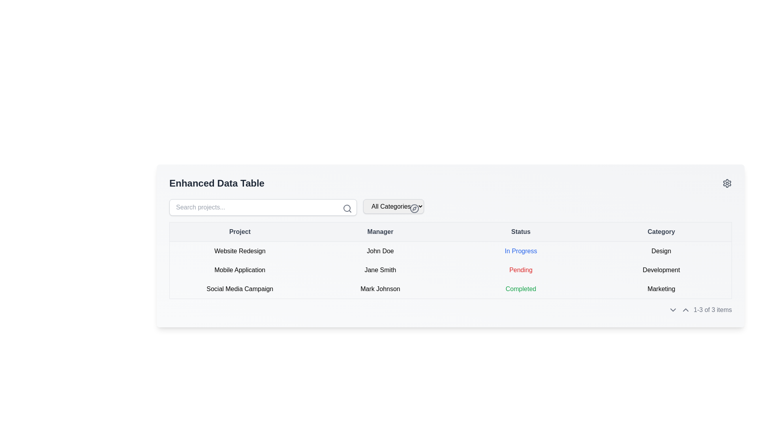 This screenshot has height=426, width=758. What do you see at coordinates (673, 310) in the screenshot?
I see `the first chevron icon button that allows navigation to the next page of the data table, located at the bottom-right corner of the table` at bounding box center [673, 310].